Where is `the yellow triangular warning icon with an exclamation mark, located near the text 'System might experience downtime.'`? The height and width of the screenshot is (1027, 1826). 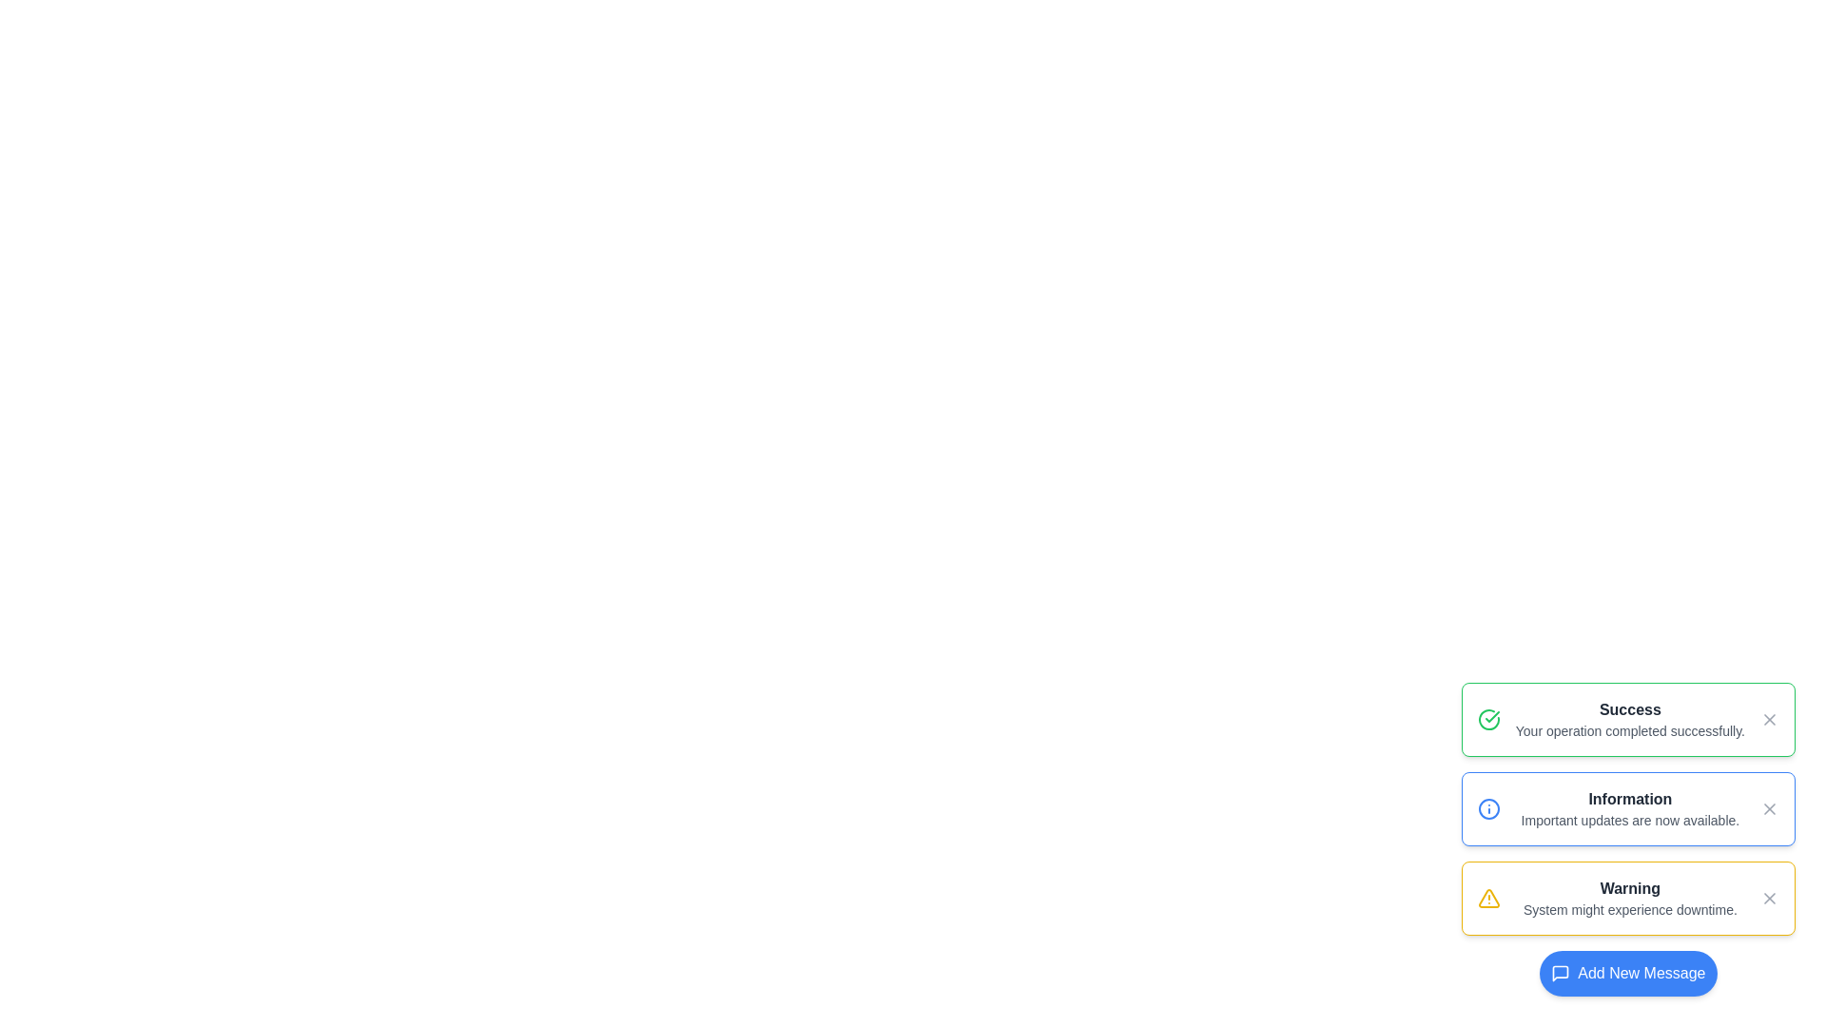 the yellow triangular warning icon with an exclamation mark, located near the text 'System might experience downtime.' is located at coordinates (1487, 899).